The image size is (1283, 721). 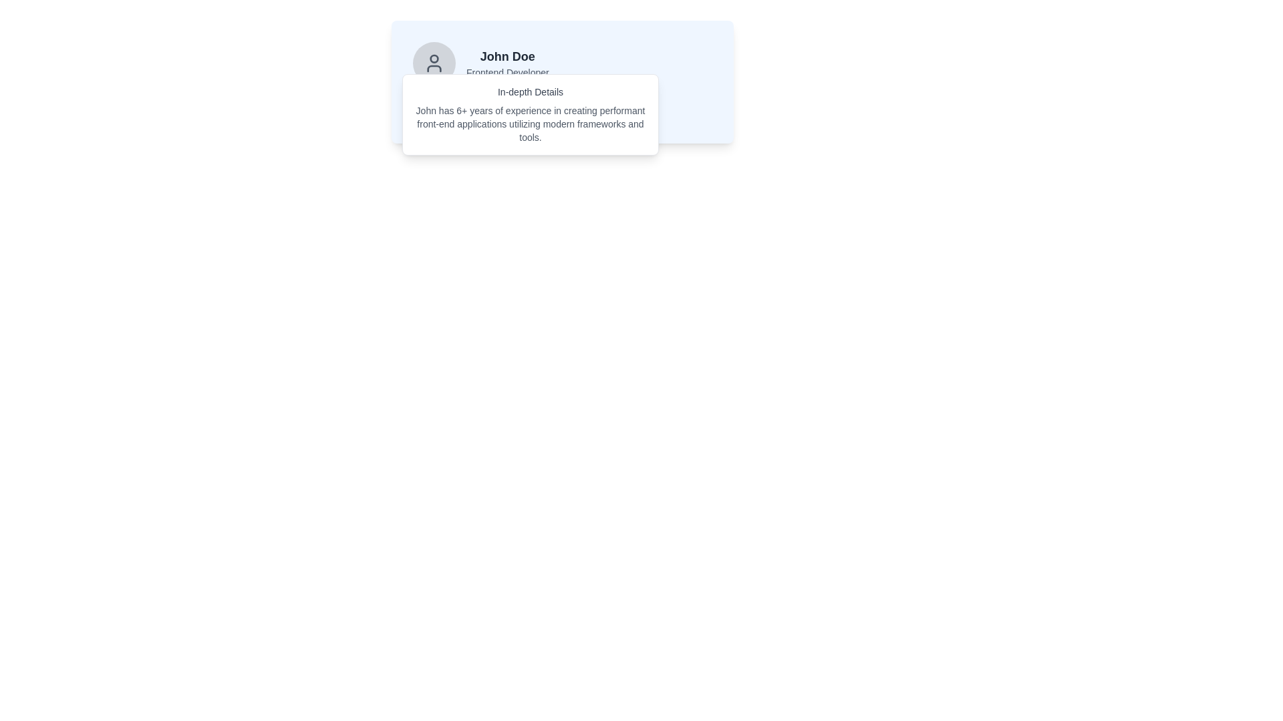 What do you see at coordinates (434, 58) in the screenshot?
I see `the circular head portion of the user icon, which is defined by an SVG circle tag and is located near the top center of the icon` at bounding box center [434, 58].